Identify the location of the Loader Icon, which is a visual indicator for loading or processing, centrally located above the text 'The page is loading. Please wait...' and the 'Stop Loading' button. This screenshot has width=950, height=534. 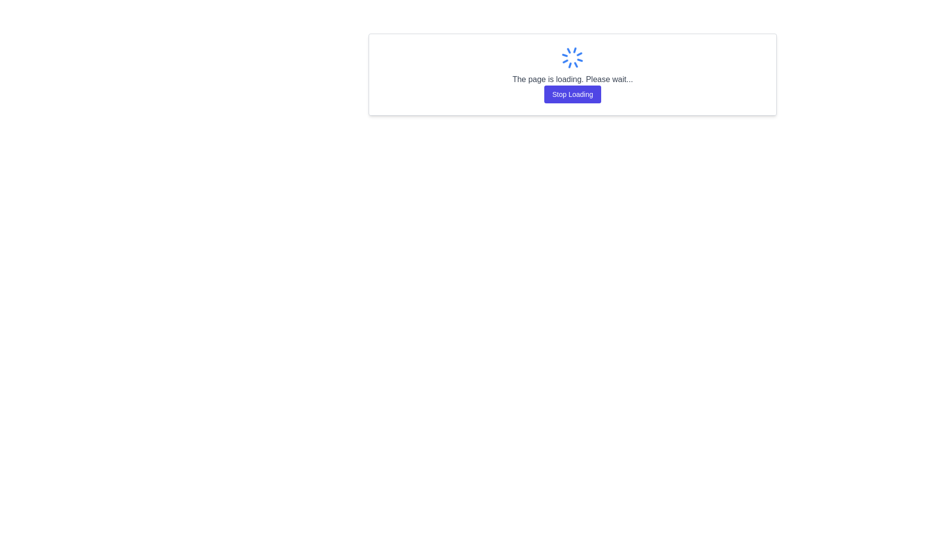
(572, 57).